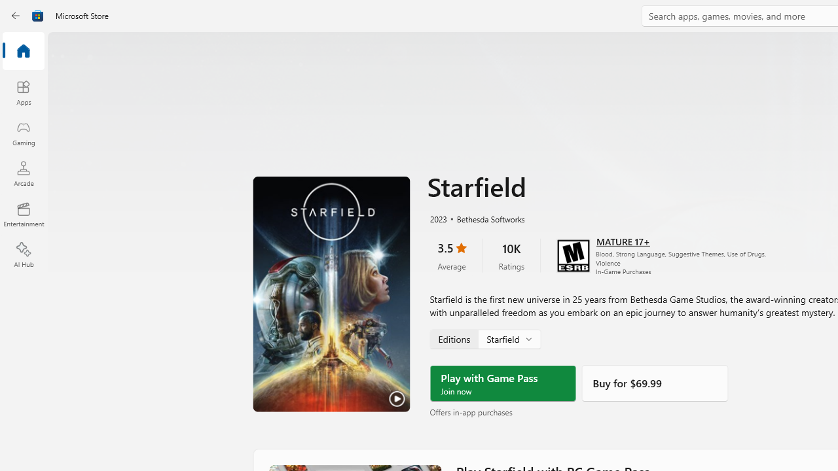  Describe the element at coordinates (655, 383) in the screenshot. I see `'Buy'` at that location.